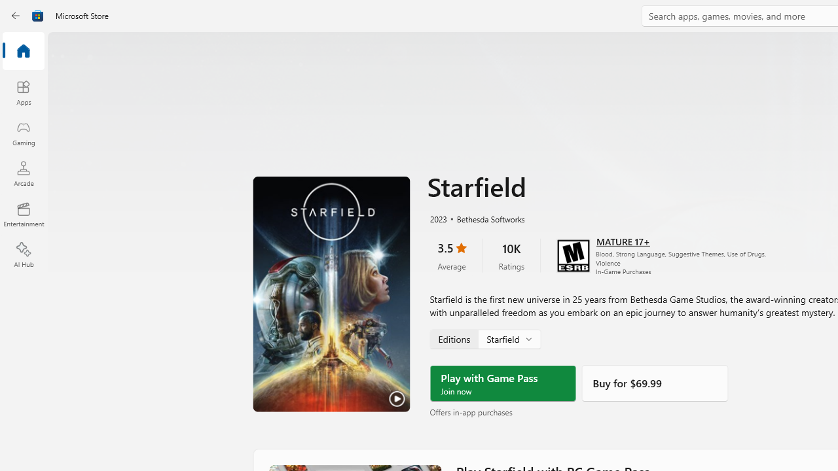  Describe the element at coordinates (655, 383) in the screenshot. I see `'Buy'` at that location.